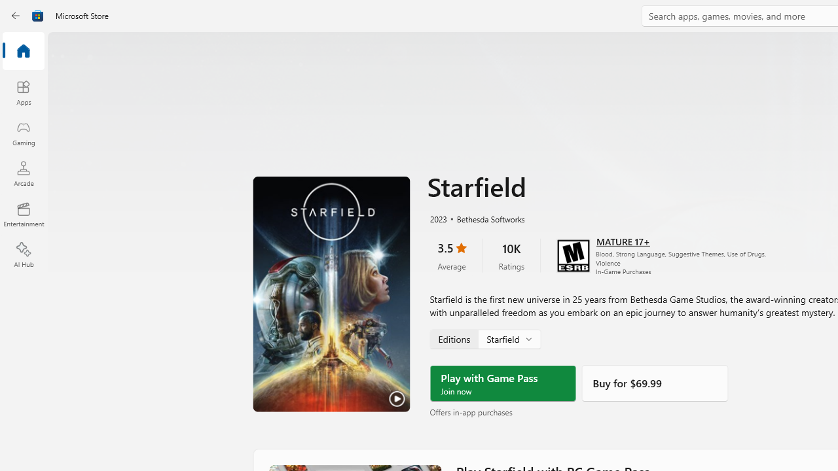  Describe the element at coordinates (655, 383) in the screenshot. I see `'Buy'` at that location.